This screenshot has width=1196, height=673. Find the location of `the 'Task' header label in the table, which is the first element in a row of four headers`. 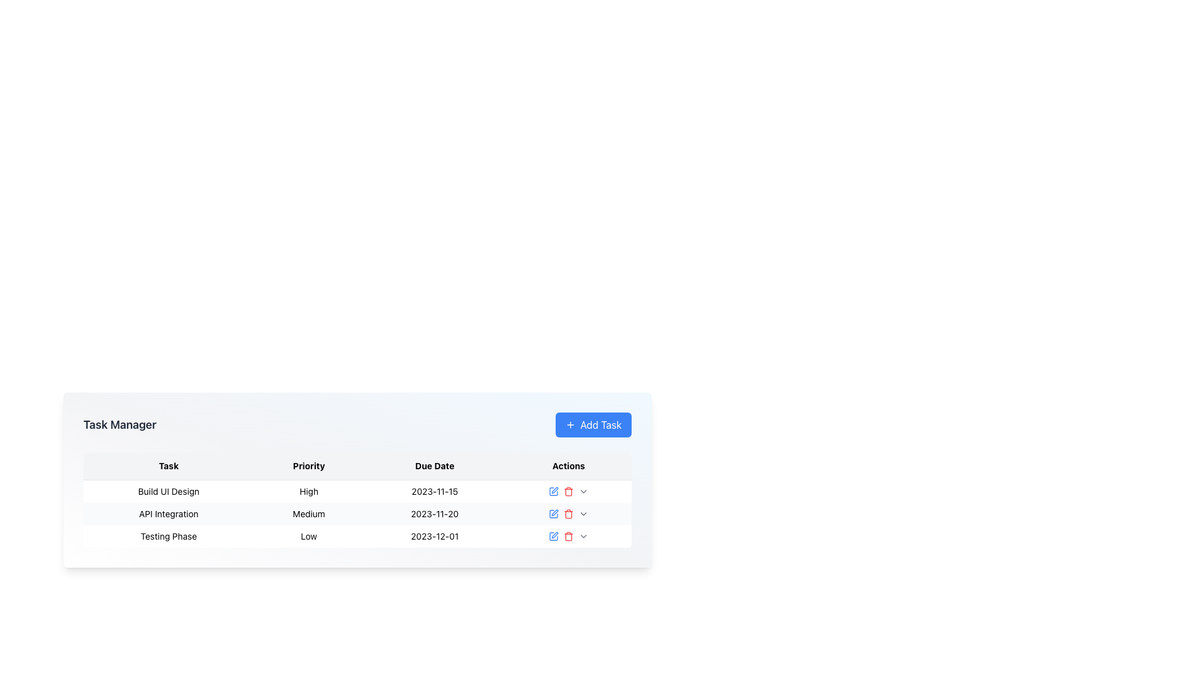

the 'Task' header label in the table, which is the first element in a row of four headers is located at coordinates (168, 466).